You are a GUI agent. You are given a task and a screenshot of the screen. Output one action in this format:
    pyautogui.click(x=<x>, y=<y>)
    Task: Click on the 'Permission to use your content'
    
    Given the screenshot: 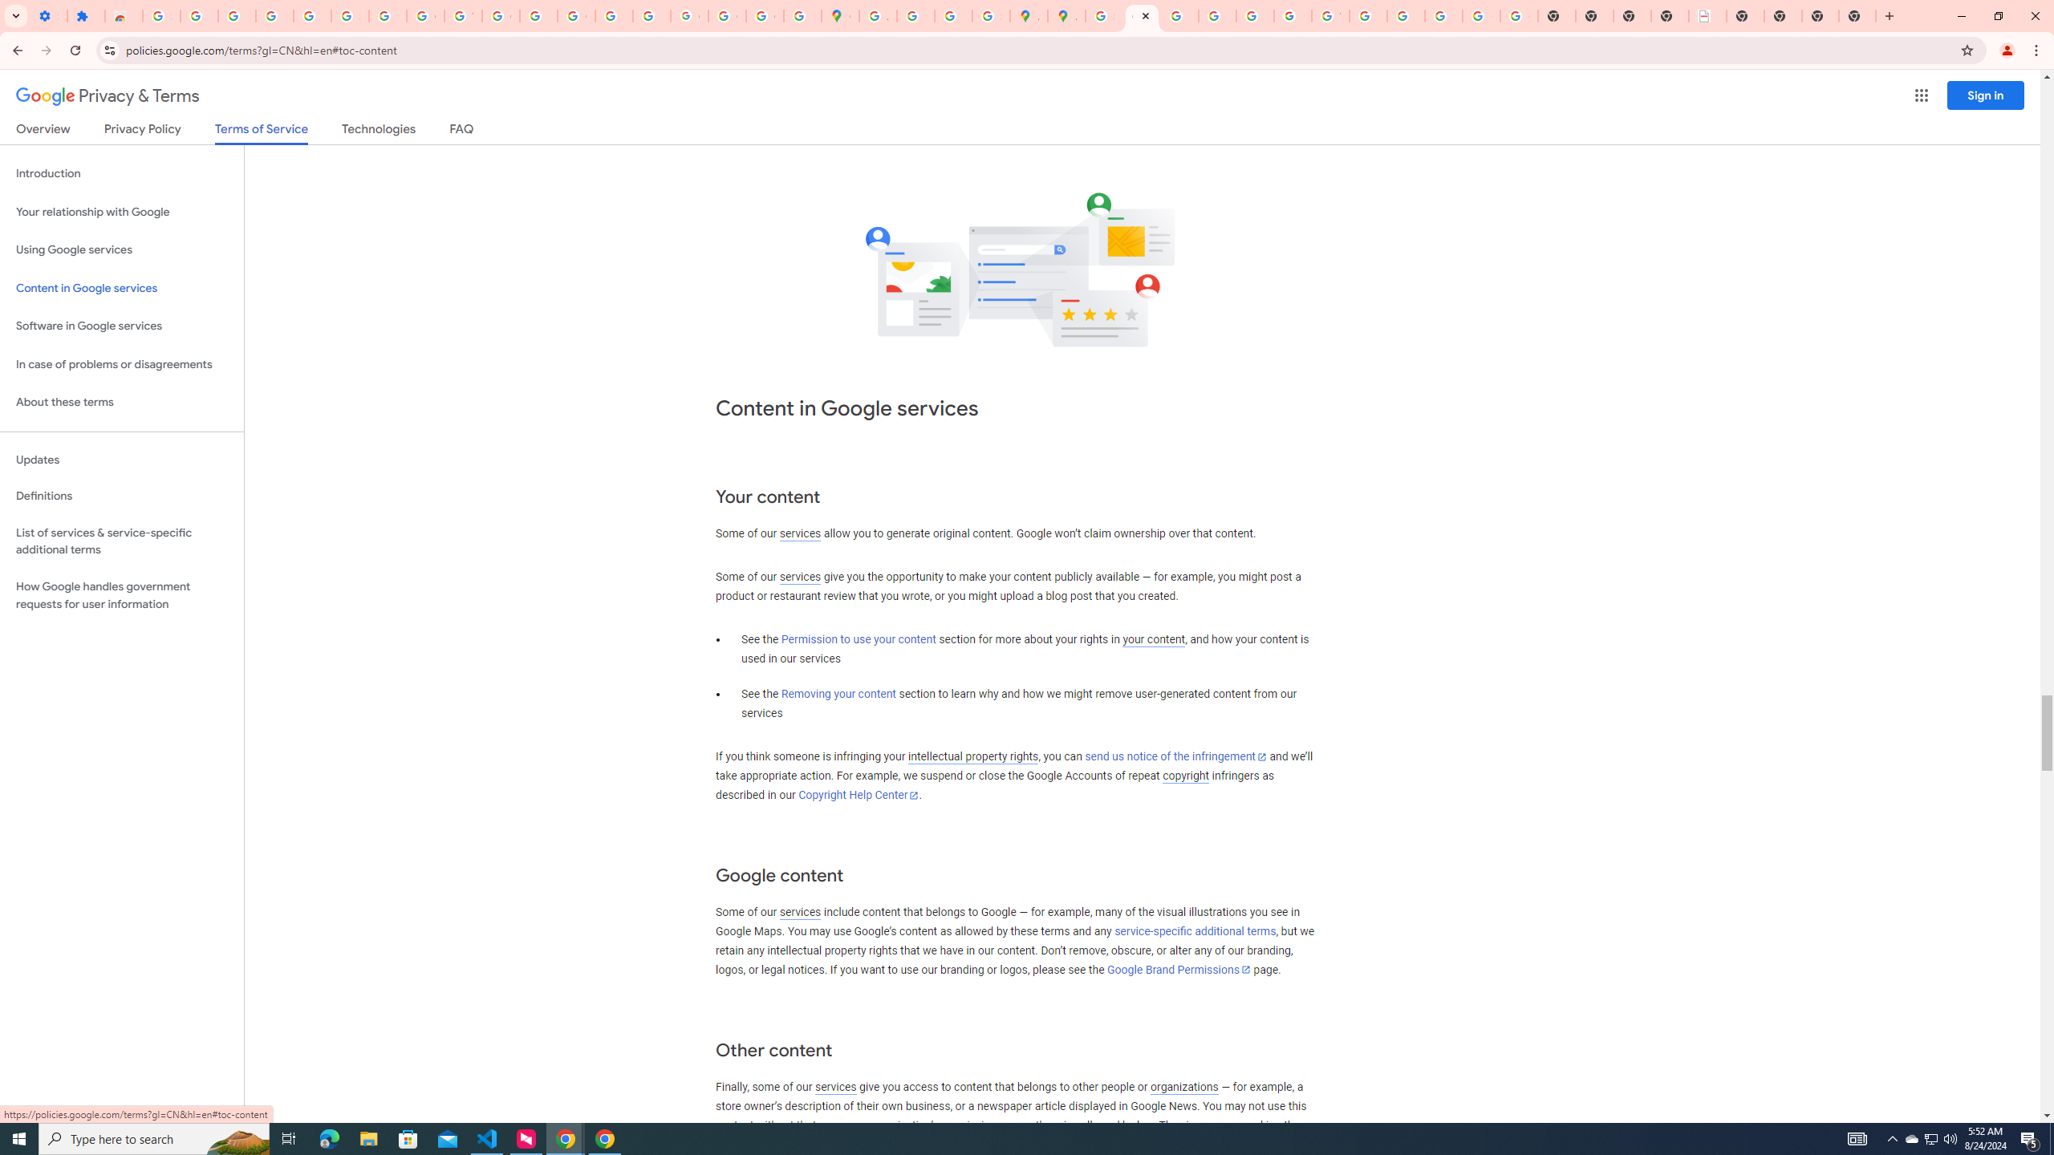 What is the action you would take?
    pyautogui.click(x=858, y=638)
    